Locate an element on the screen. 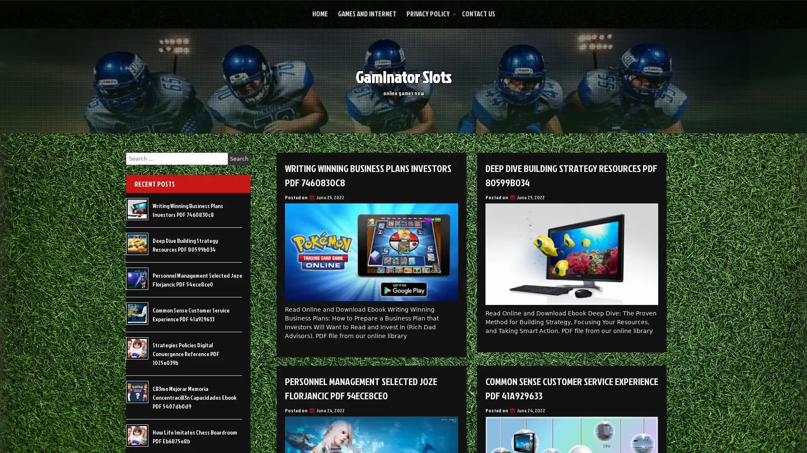 The width and height of the screenshot is (807, 453). Search is located at coordinates (239, 159).